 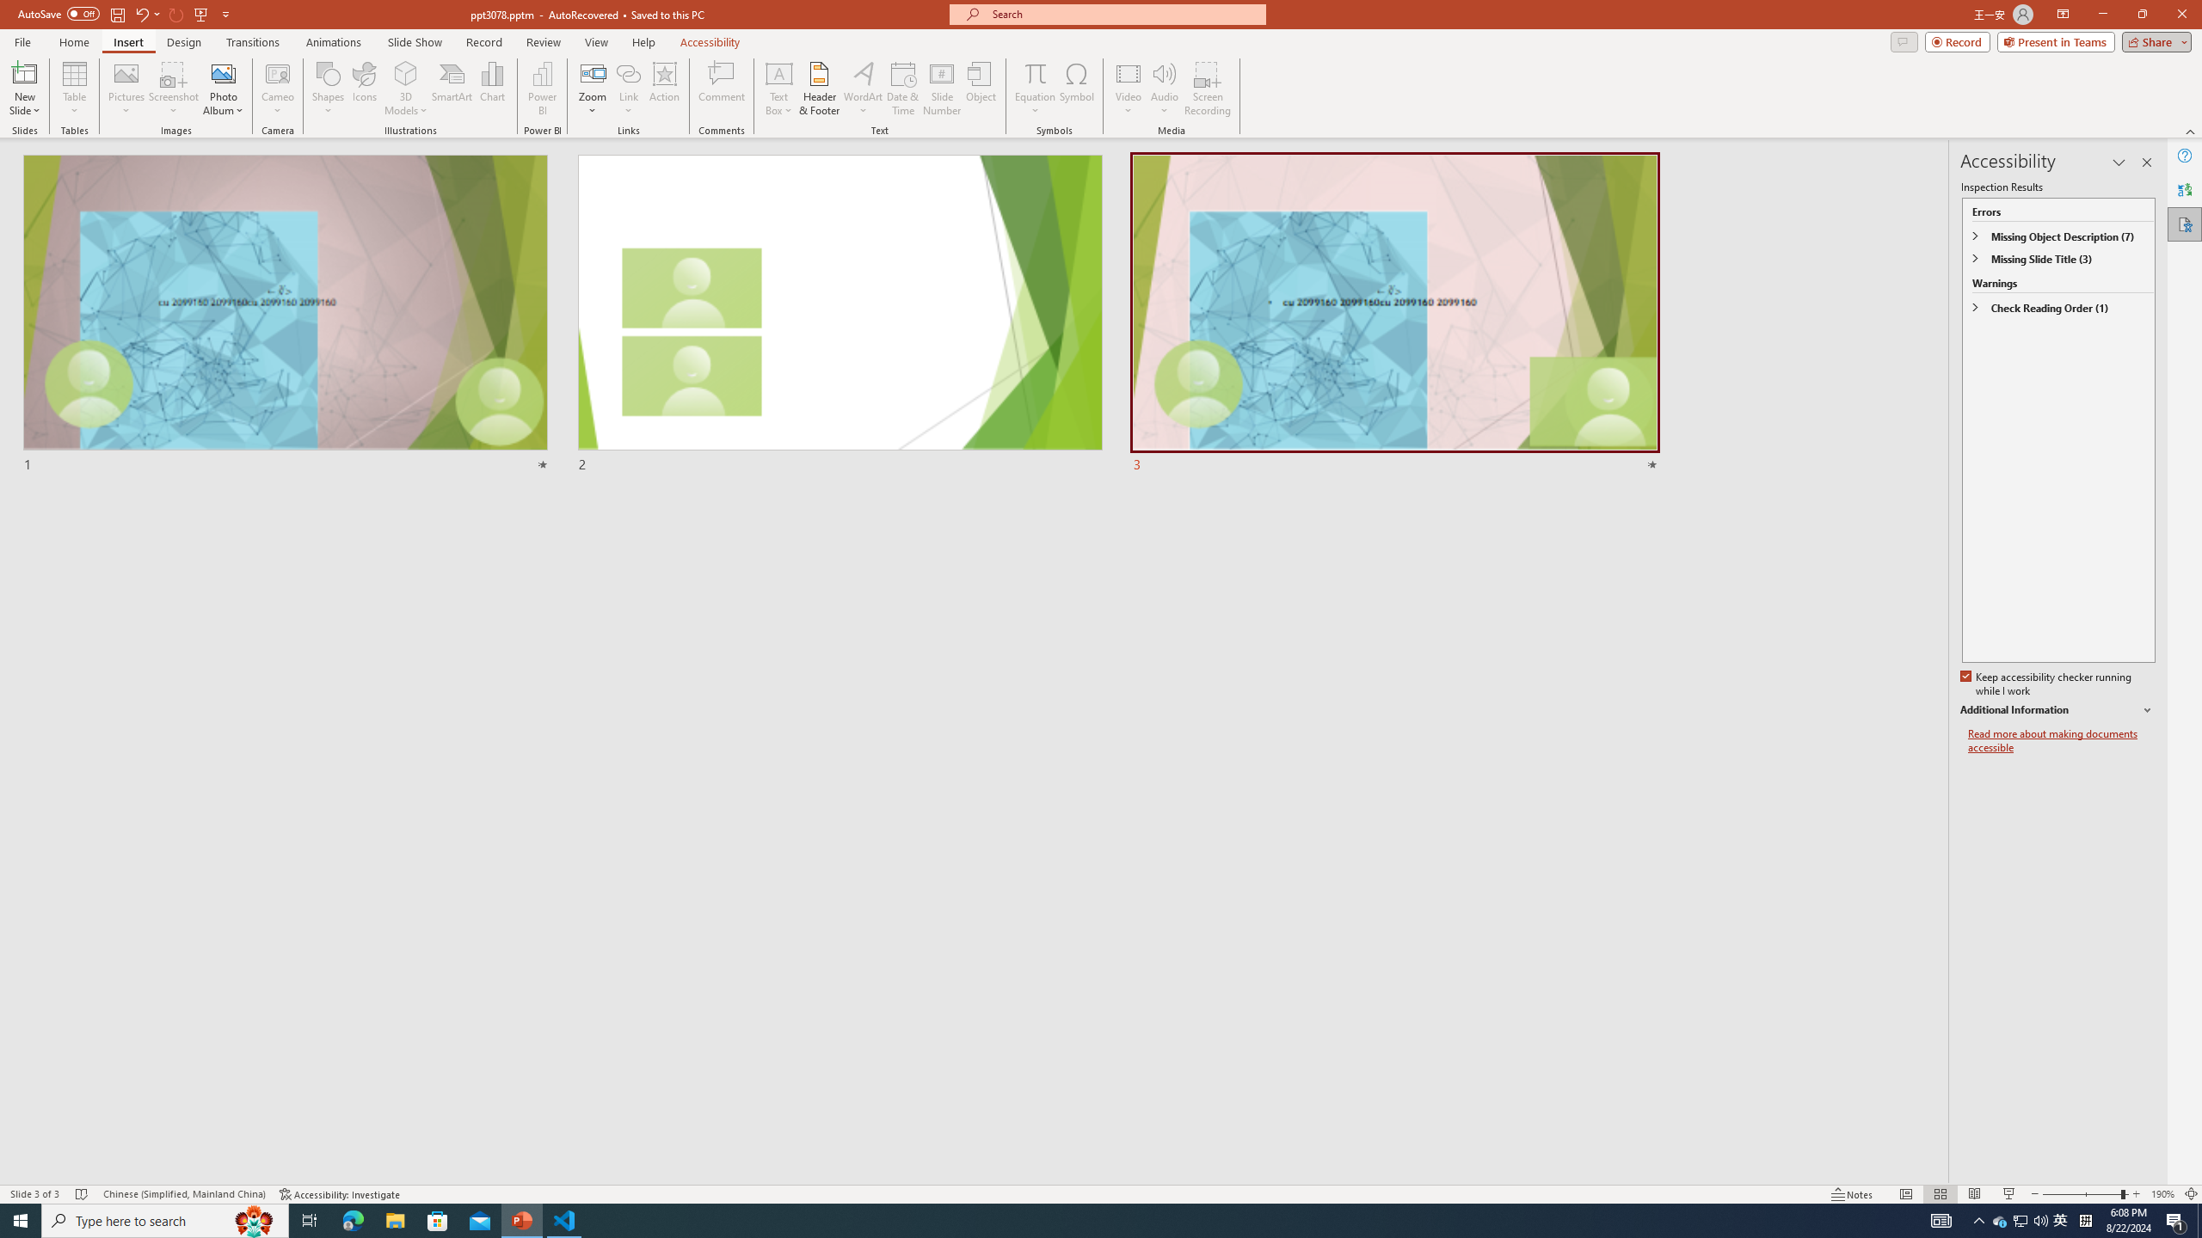 I want to click on 'Link', so click(x=627, y=89).